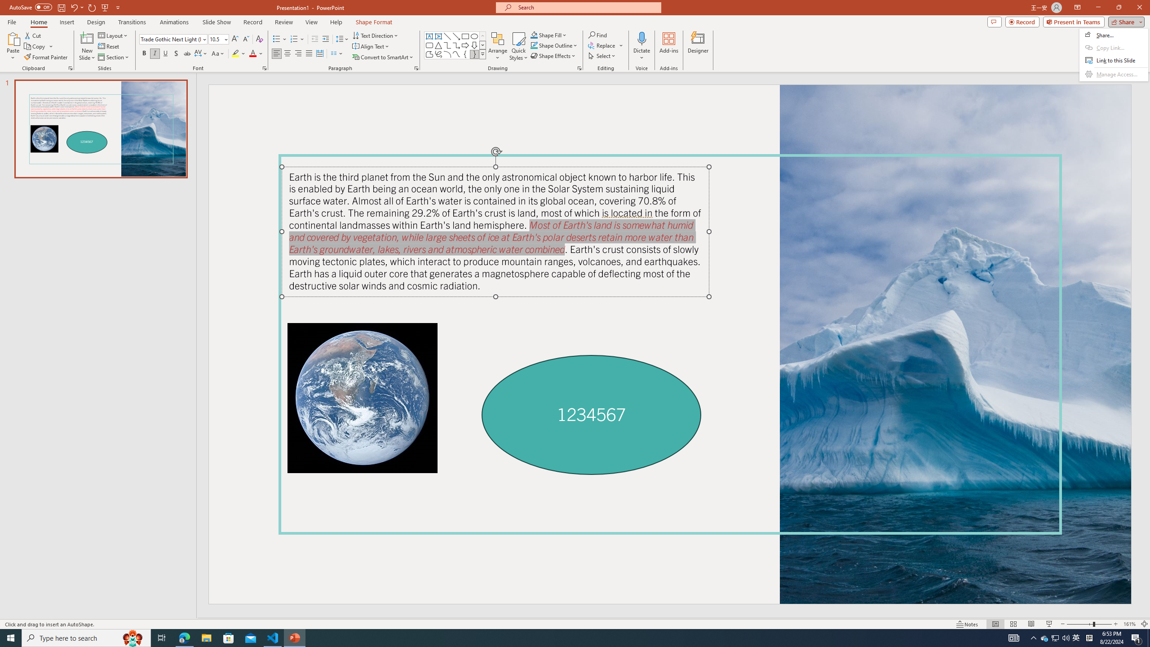 The height and width of the screenshot is (647, 1150). Describe the element at coordinates (374, 22) in the screenshot. I see `'Shape Format'` at that location.